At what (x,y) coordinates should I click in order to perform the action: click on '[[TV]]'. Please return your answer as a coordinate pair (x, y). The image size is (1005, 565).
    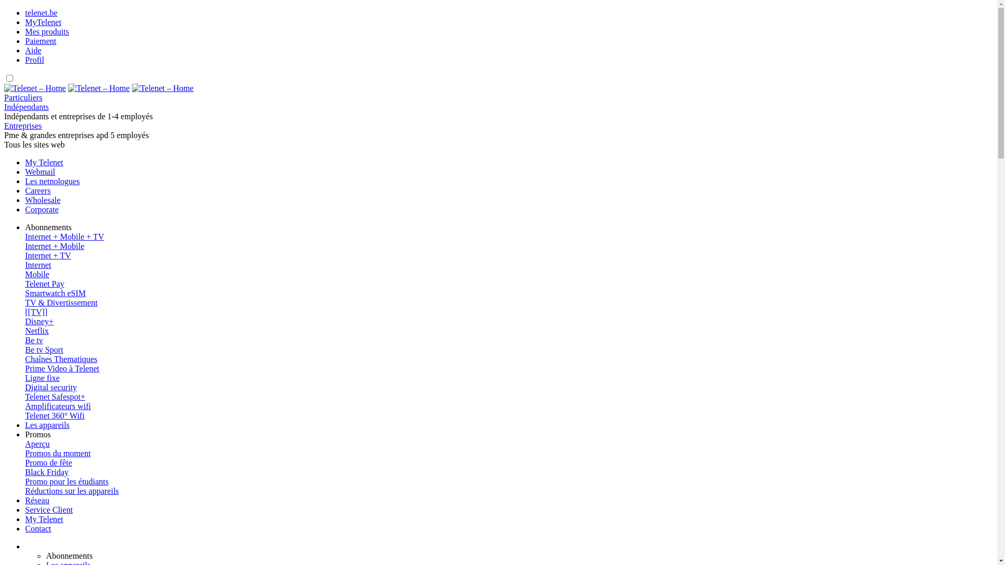
    Looking at the image, I should click on (36, 311).